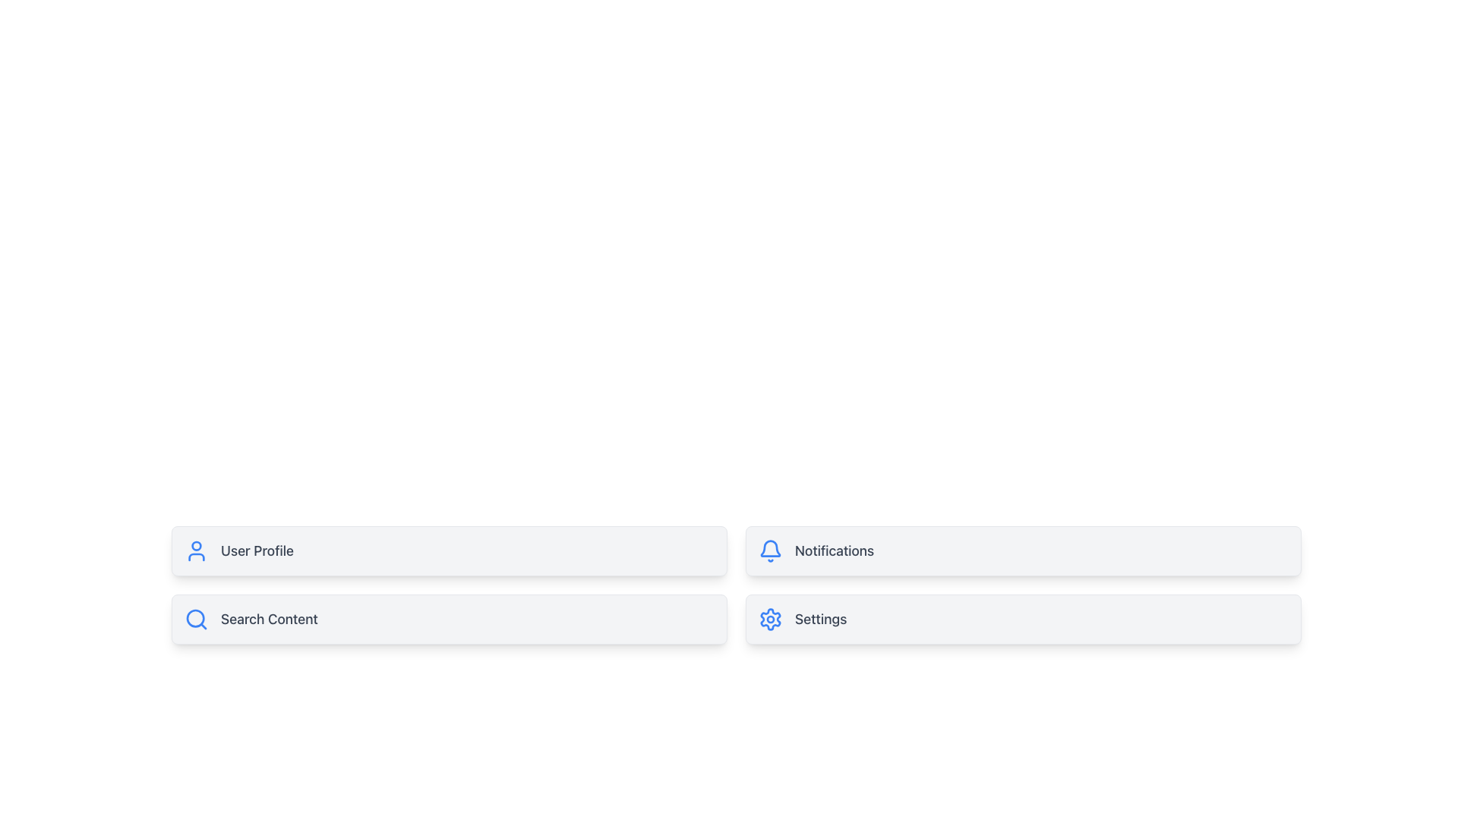 The height and width of the screenshot is (820, 1458). What do you see at coordinates (196, 550) in the screenshot?
I see `the user silhouette icon, which is colored blue and positioned to the far left of the 'User Profile' text group` at bounding box center [196, 550].